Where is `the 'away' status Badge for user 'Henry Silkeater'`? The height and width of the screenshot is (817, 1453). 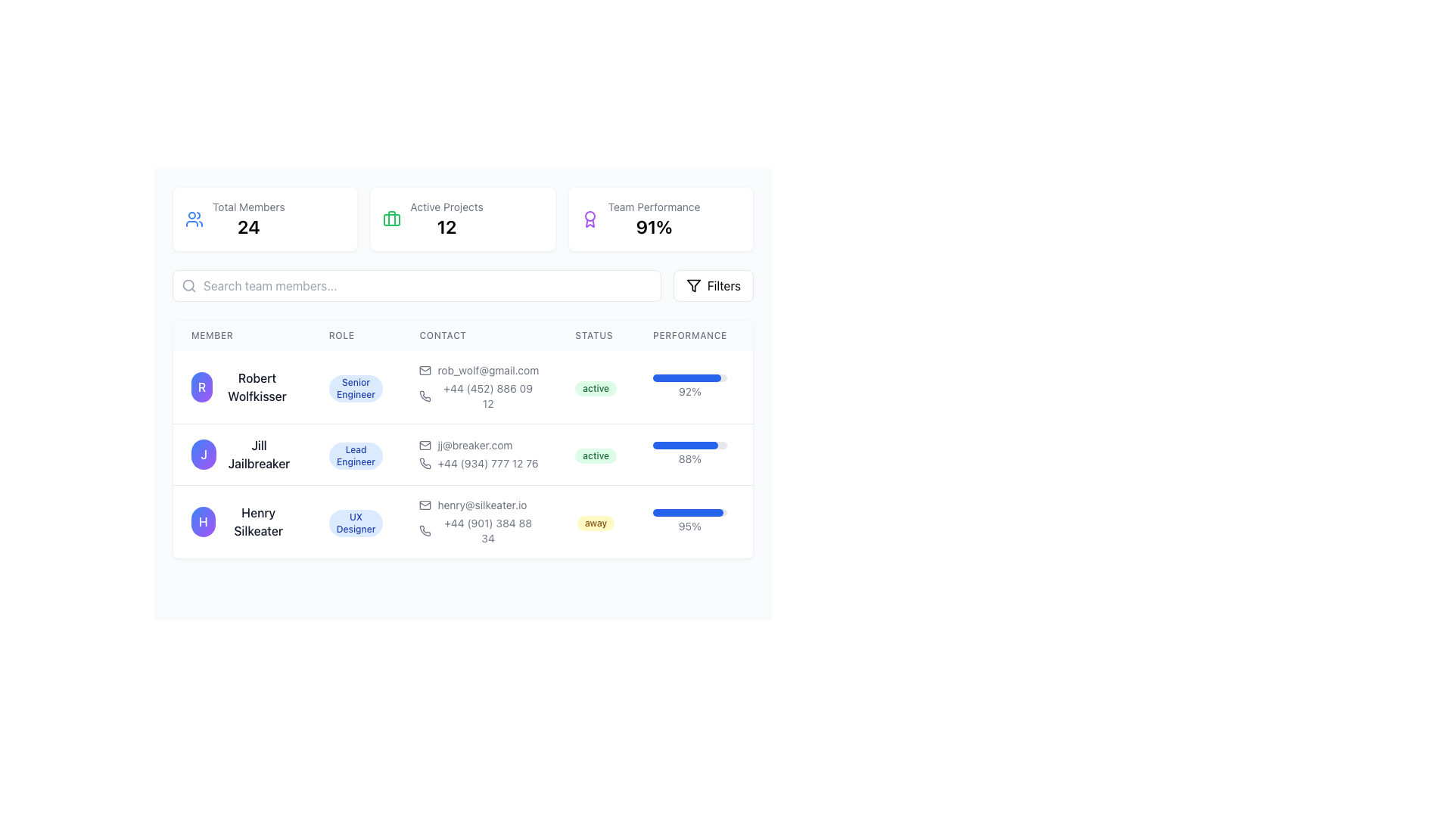 the 'away' status Badge for user 'Henry Silkeater' is located at coordinates (595, 522).